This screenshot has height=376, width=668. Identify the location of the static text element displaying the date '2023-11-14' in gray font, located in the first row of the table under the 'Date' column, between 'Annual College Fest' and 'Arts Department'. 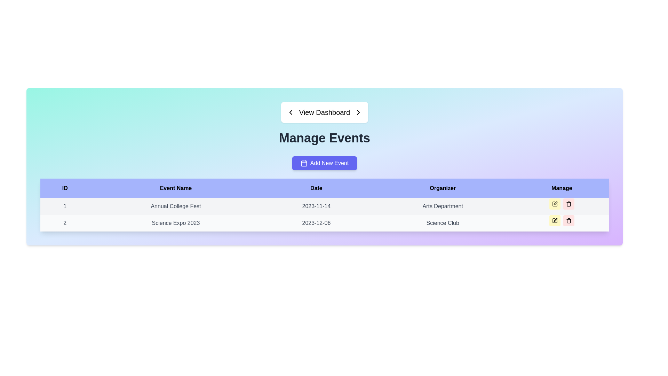
(316, 206).